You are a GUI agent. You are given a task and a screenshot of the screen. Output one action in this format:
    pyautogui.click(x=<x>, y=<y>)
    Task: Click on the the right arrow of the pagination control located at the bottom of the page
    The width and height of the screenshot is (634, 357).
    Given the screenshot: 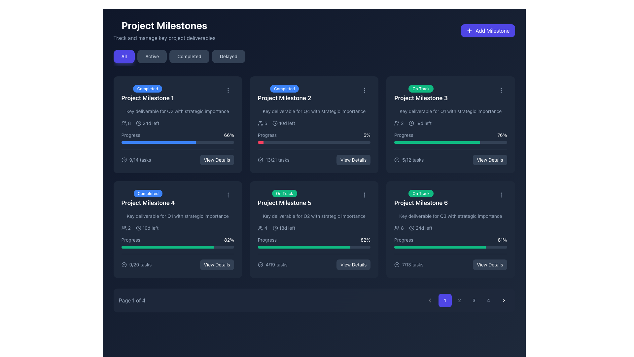 What is the action you would take?
    pyautogui.click(x=314, y=300)
    